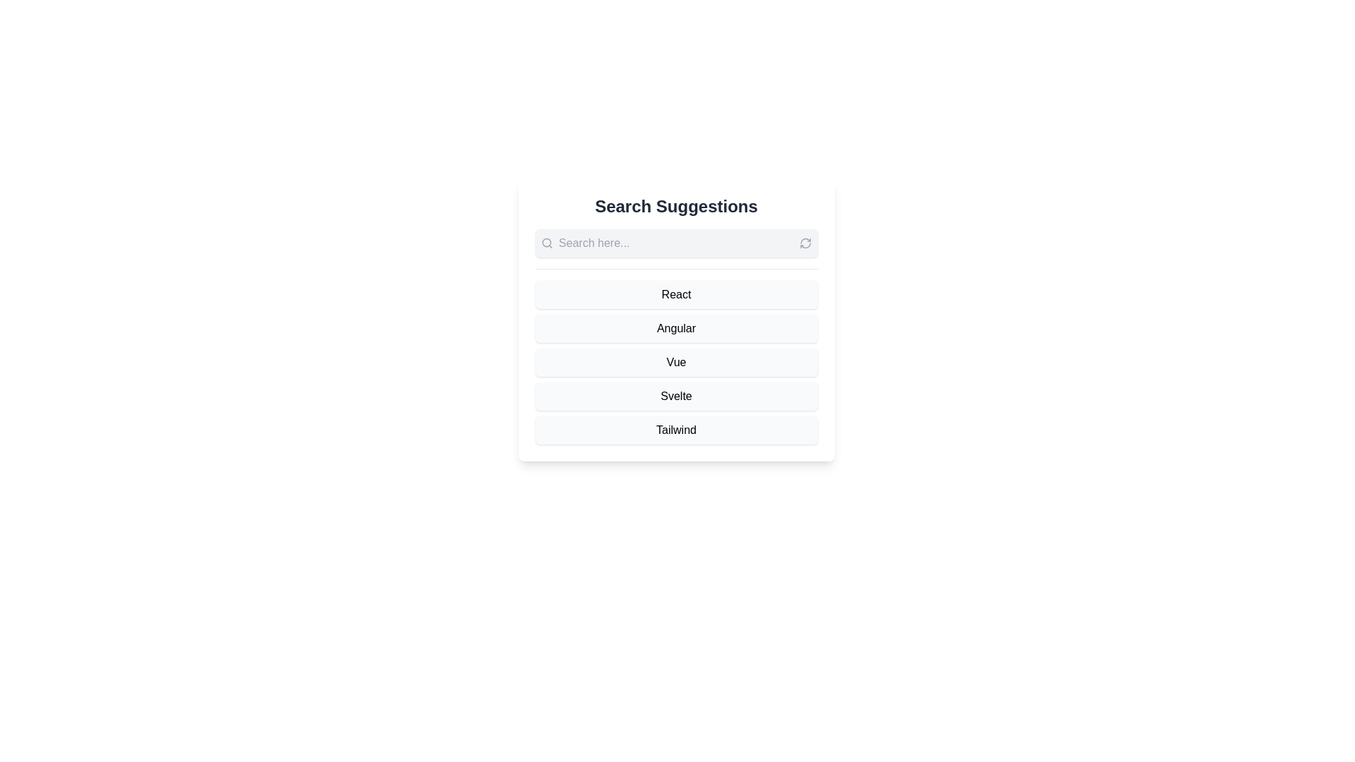 The image size is (1355, 762). Describe the element at coordinates (675, 294) in the screenshot. I see `the selectable option labeled 'React' which is the first item in the list located beneath the search bar` at that location.